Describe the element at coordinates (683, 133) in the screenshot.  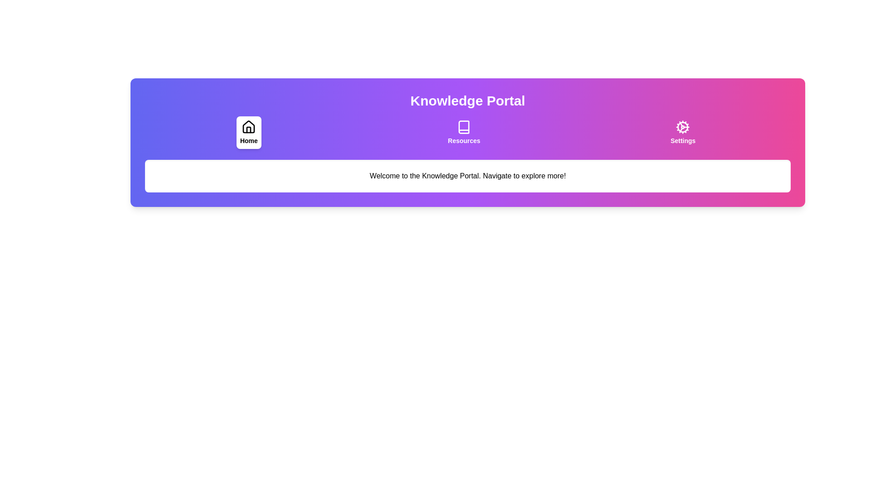
I see `the tab labeled Settings` at that location.